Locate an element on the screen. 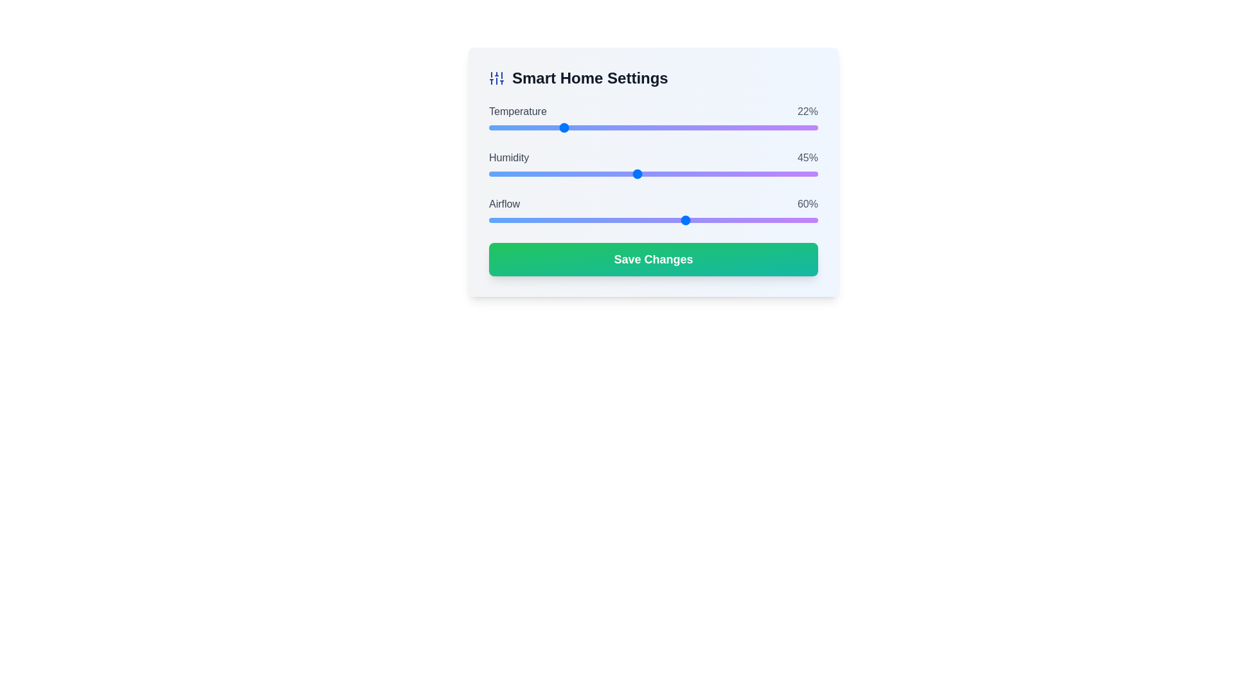 The width and height of the screenshot is (1234, 694). the static text label displaying the word 'airflow' which is styled in medium-weight, capitalized gray letters and positioned to the left of the '60%' progress indicator is located at coordinates (504, 203).